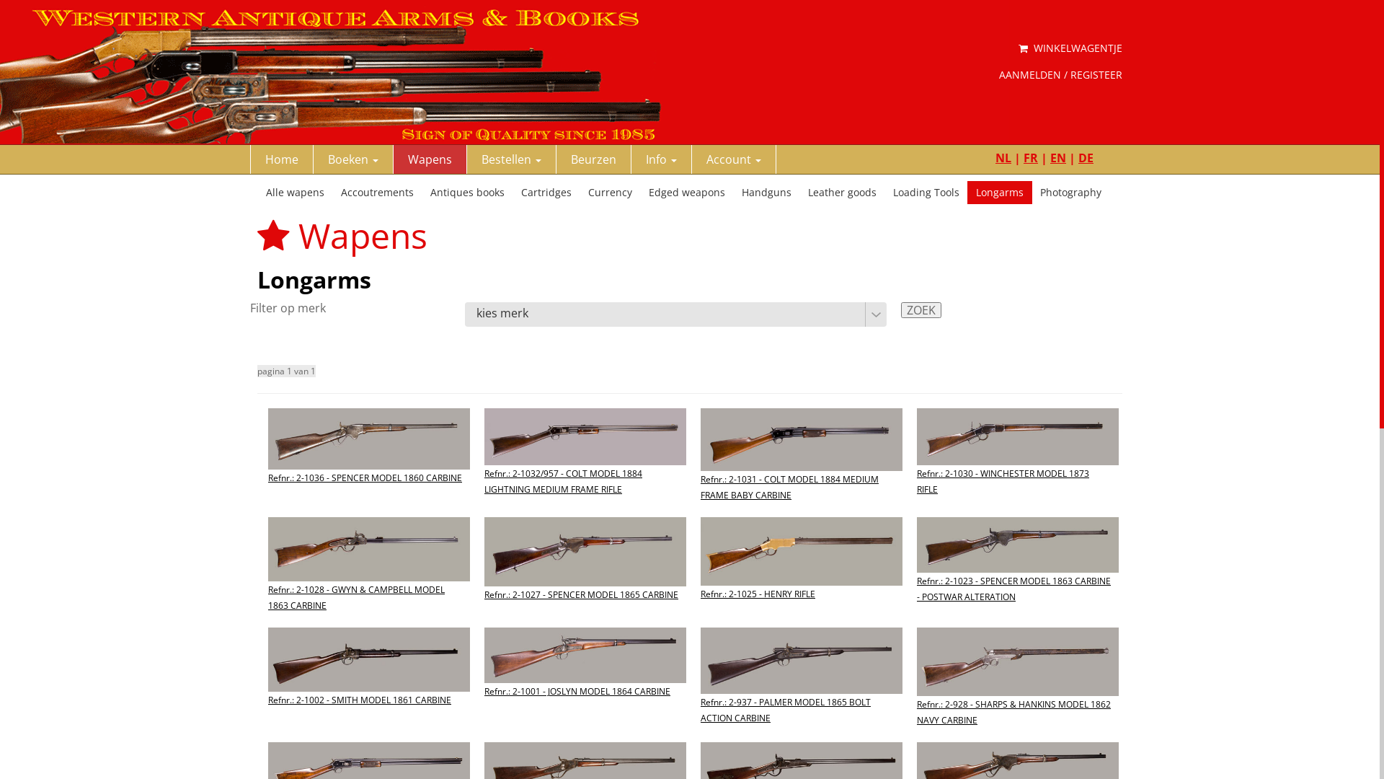  What do you see at coordinates (281, 159) in the screenshot?
I see `'Home'` at bounding box center [281, 159].